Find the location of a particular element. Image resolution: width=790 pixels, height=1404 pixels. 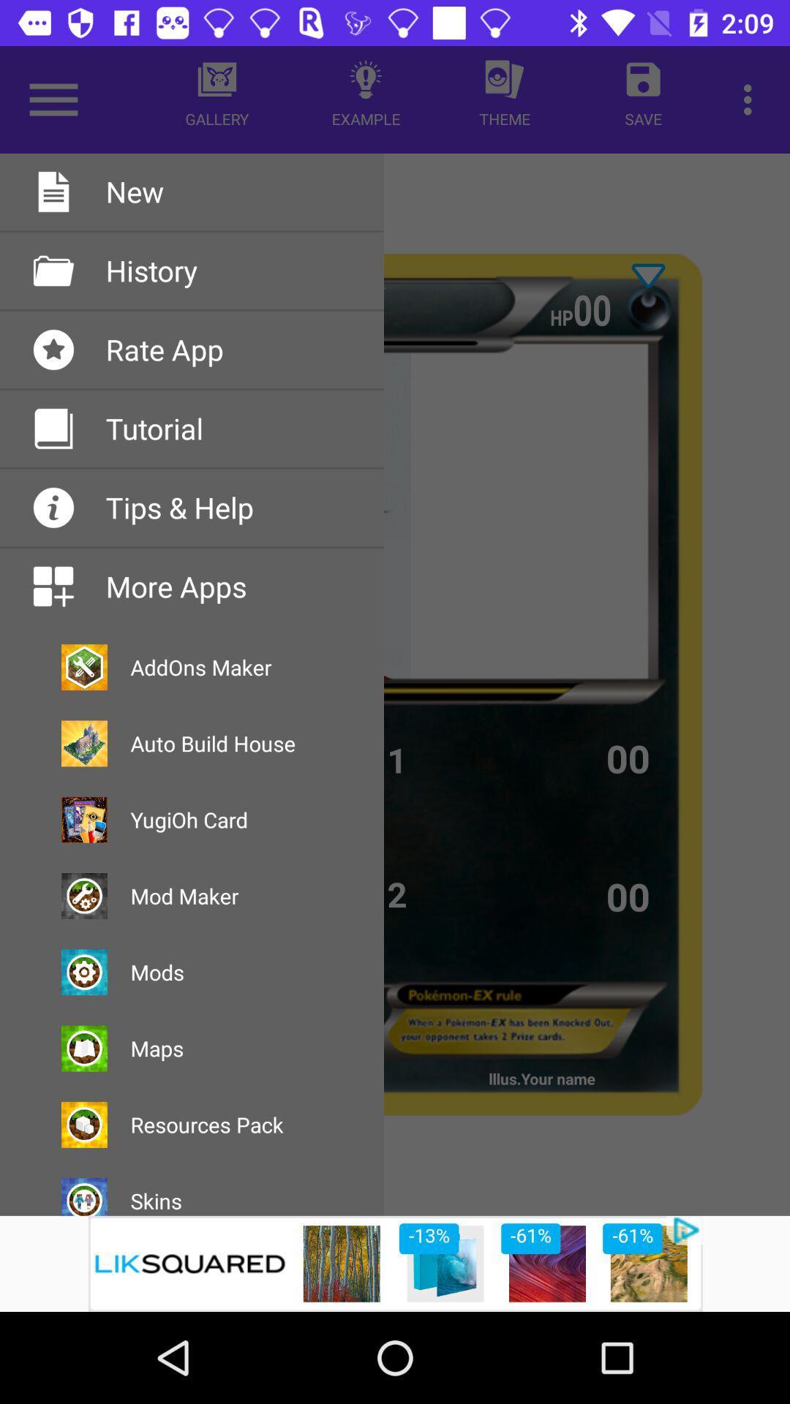

the book icon is located at coordinates (113, 330).